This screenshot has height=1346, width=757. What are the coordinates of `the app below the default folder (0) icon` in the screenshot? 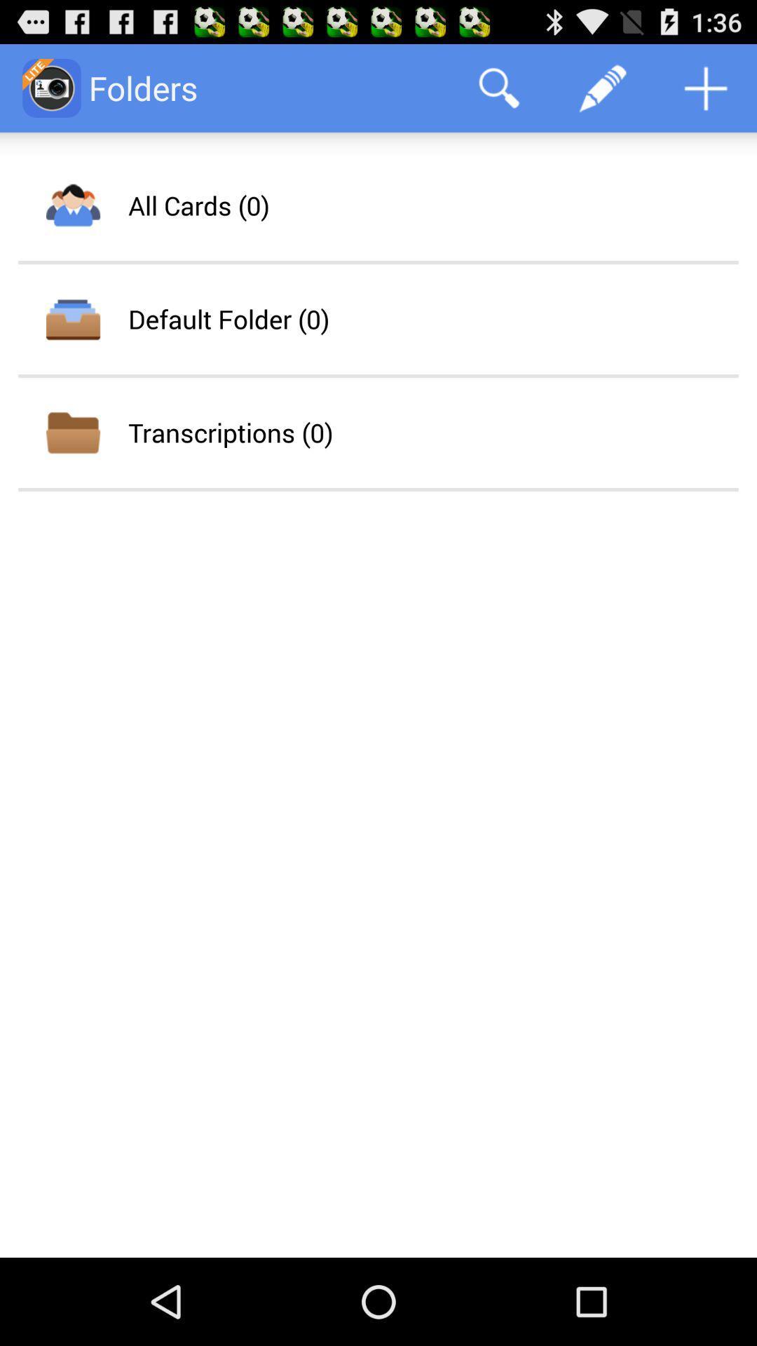 It's located at (230, 432).